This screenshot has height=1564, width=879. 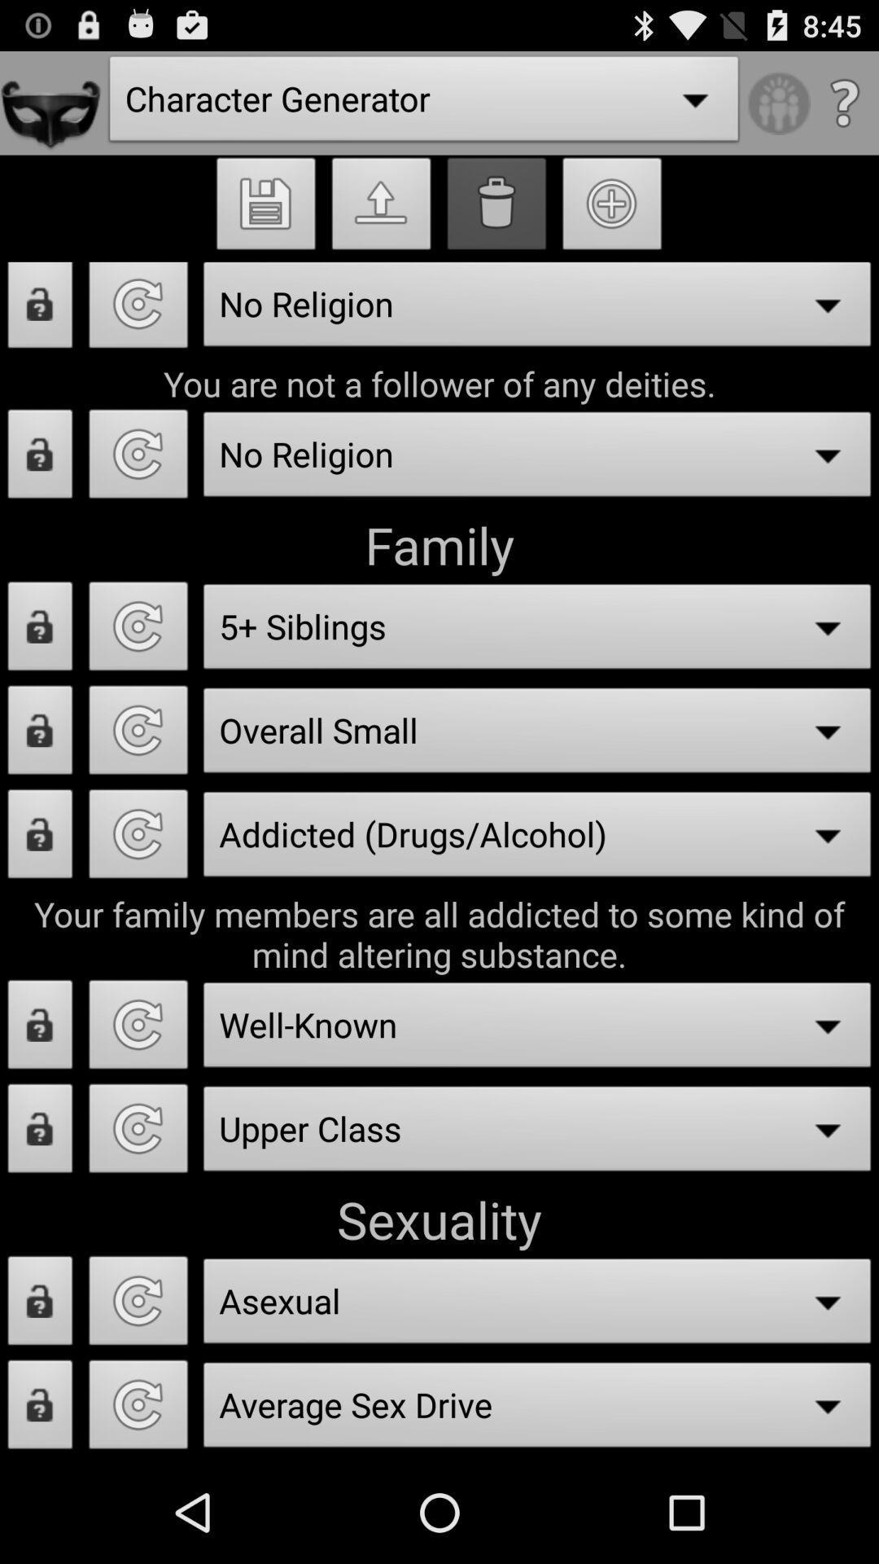 I want to click on the add icon, so click(x=612, y=222).